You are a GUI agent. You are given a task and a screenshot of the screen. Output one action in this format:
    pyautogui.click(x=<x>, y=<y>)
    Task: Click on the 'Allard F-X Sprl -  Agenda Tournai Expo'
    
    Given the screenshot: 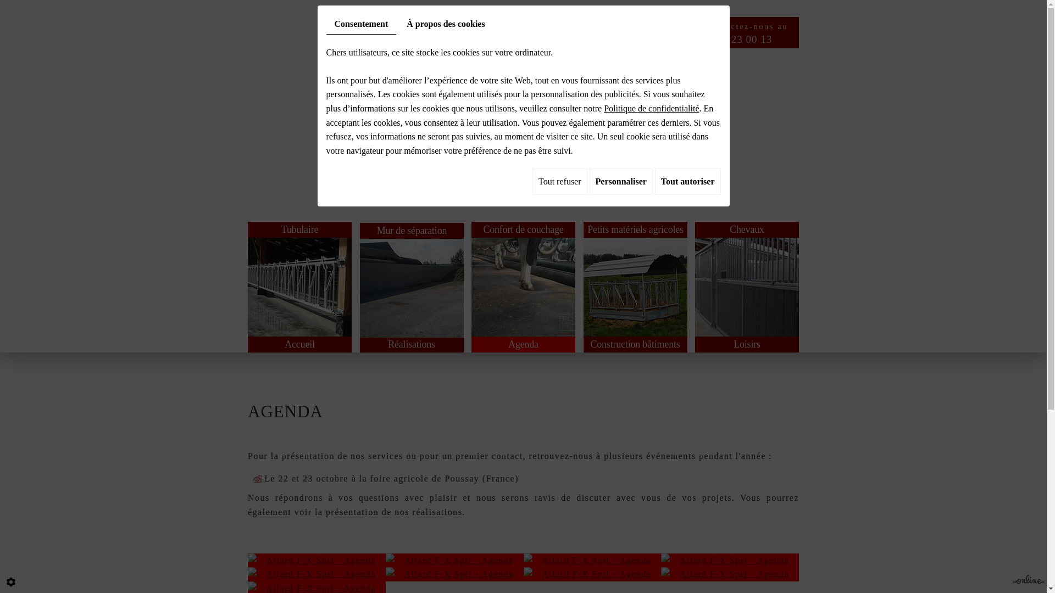 What is the action you would take?
    pyautogui.click(x=454, y=573)
    